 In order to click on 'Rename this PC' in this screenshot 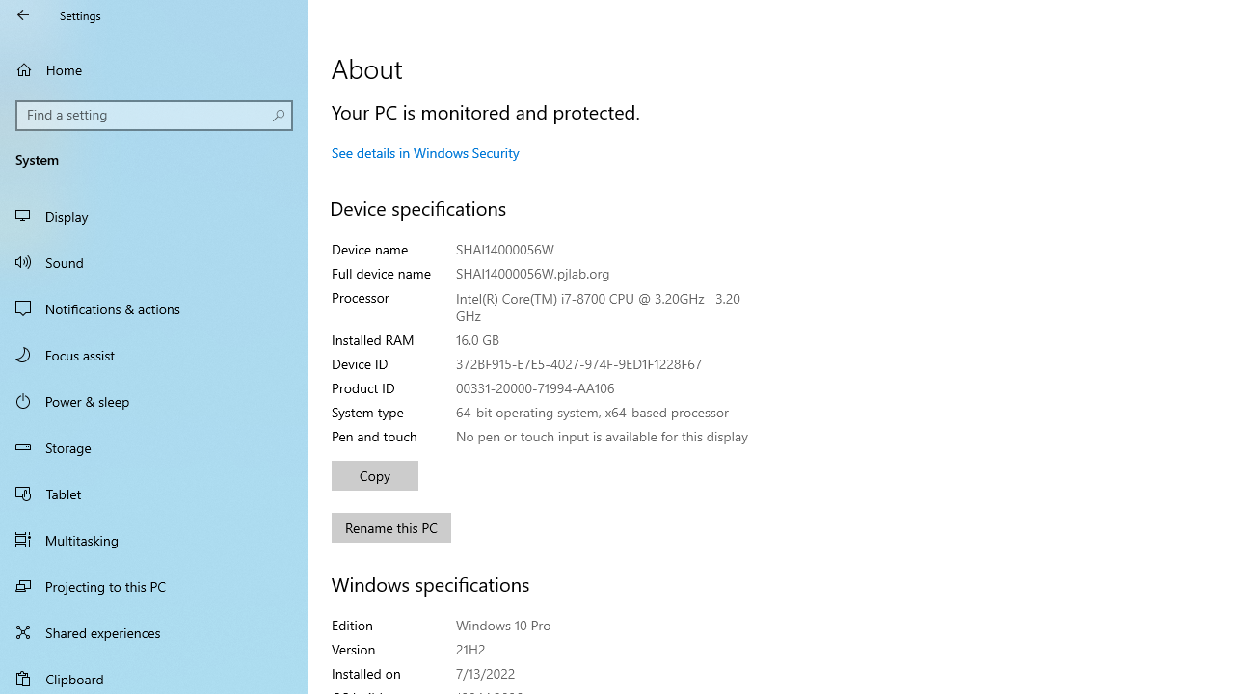, I will do `click(390, 527)`.